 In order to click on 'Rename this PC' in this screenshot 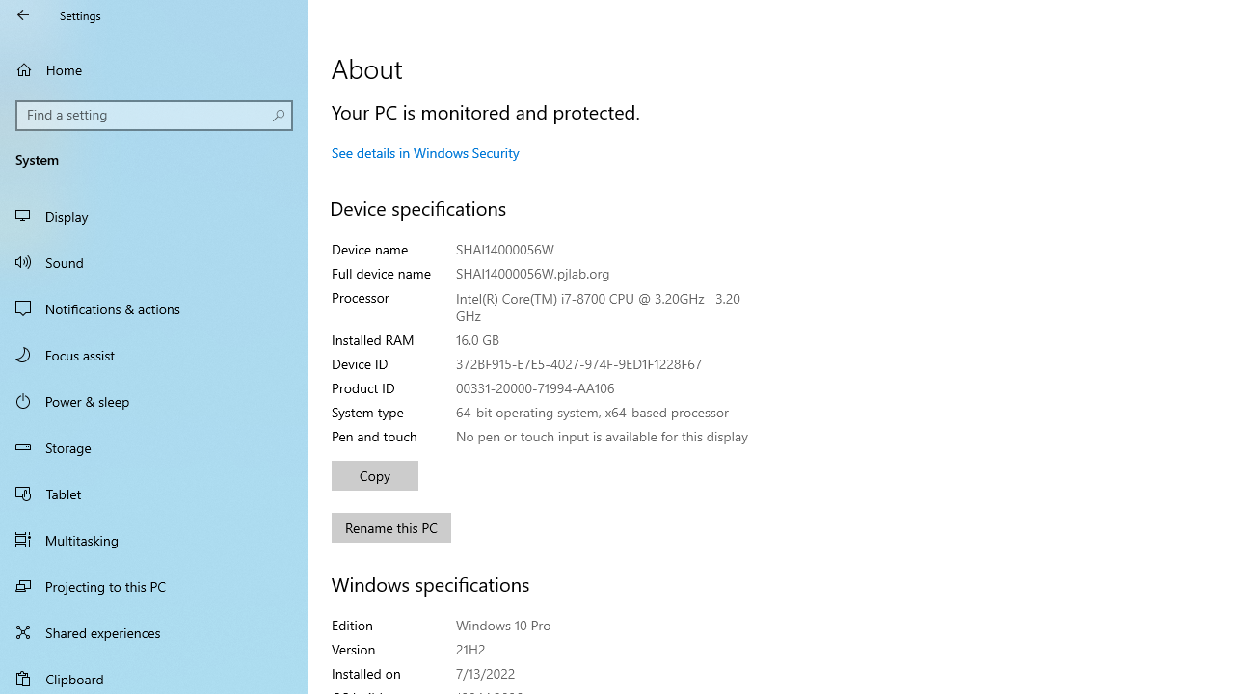, I will do `click(390, 527)`.